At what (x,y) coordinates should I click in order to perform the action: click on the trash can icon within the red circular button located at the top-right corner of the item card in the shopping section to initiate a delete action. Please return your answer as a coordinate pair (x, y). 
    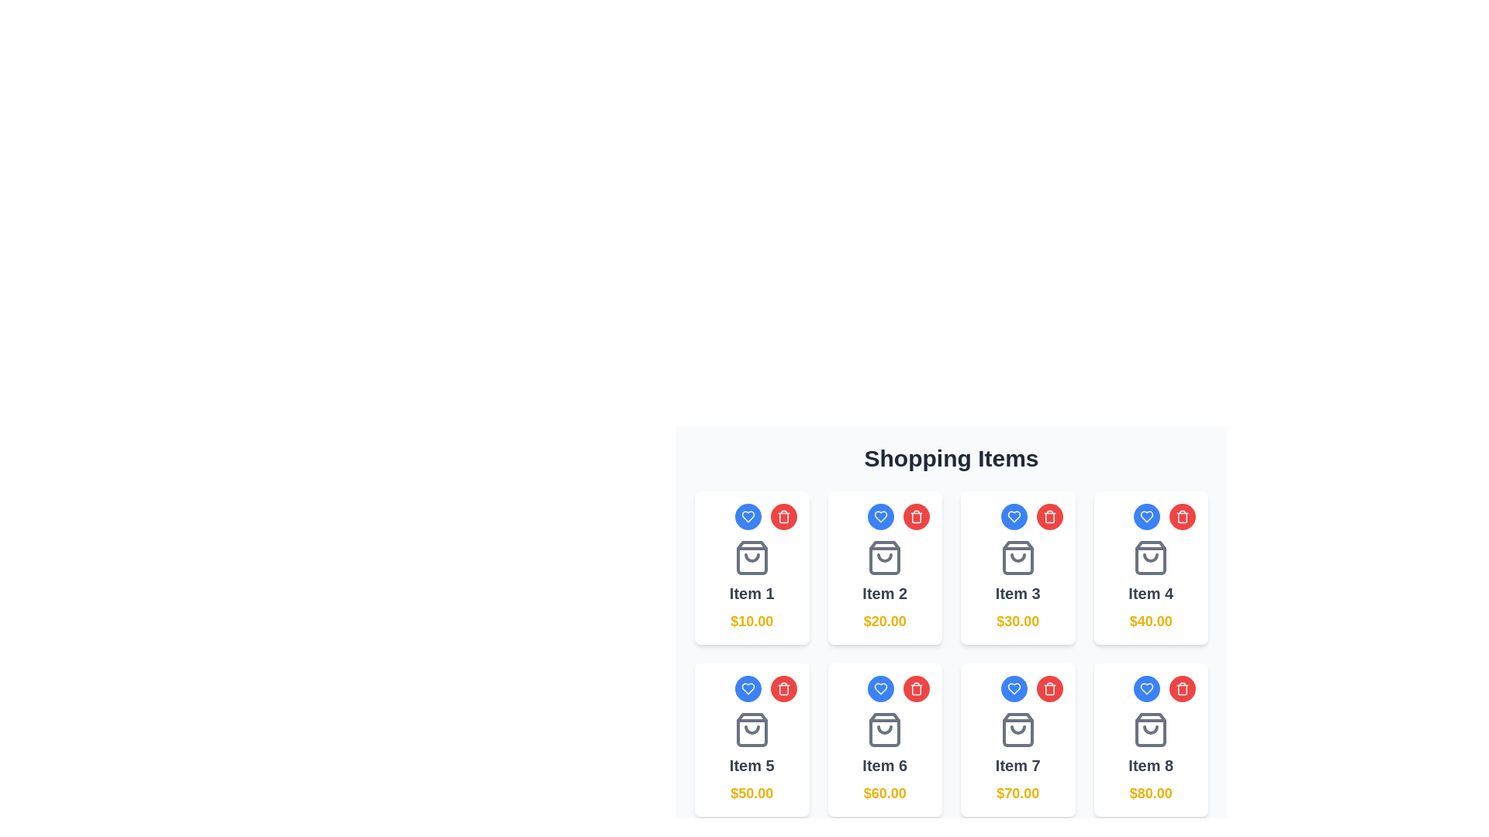
    Looking at the image, I should click on (916, 517).